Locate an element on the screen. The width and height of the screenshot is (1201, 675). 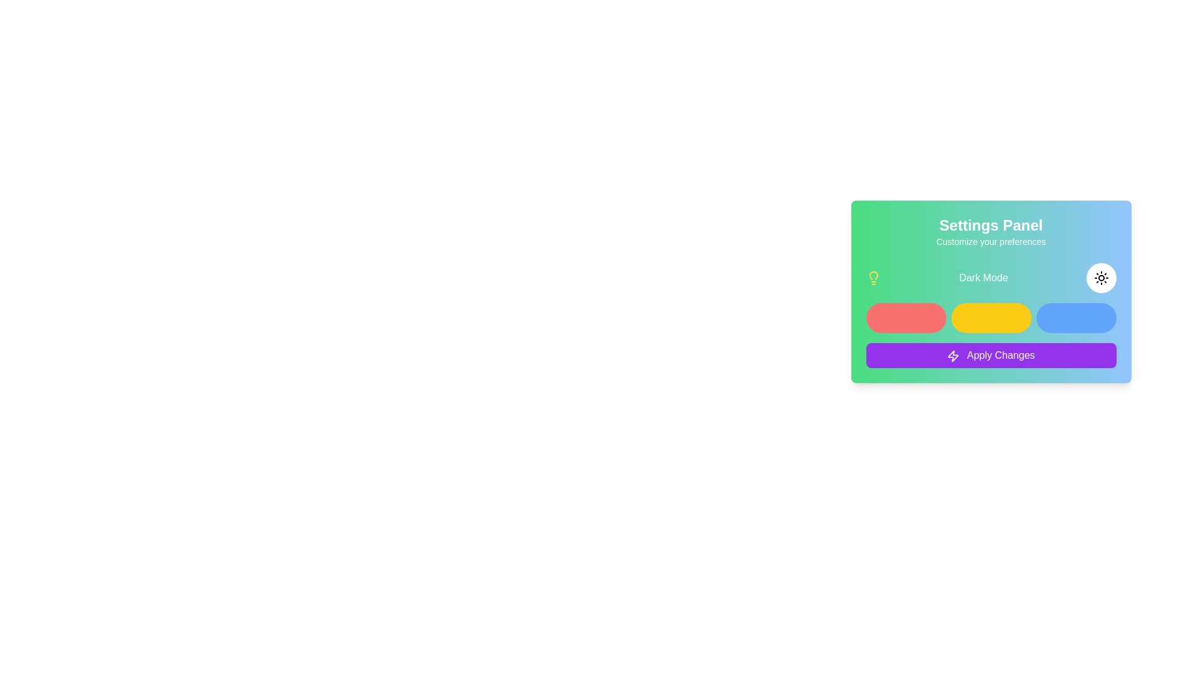
text displayed in the title and description area at the top of the settings panel, which provides context and guidance for customization options is located at coordinates (990, 231).